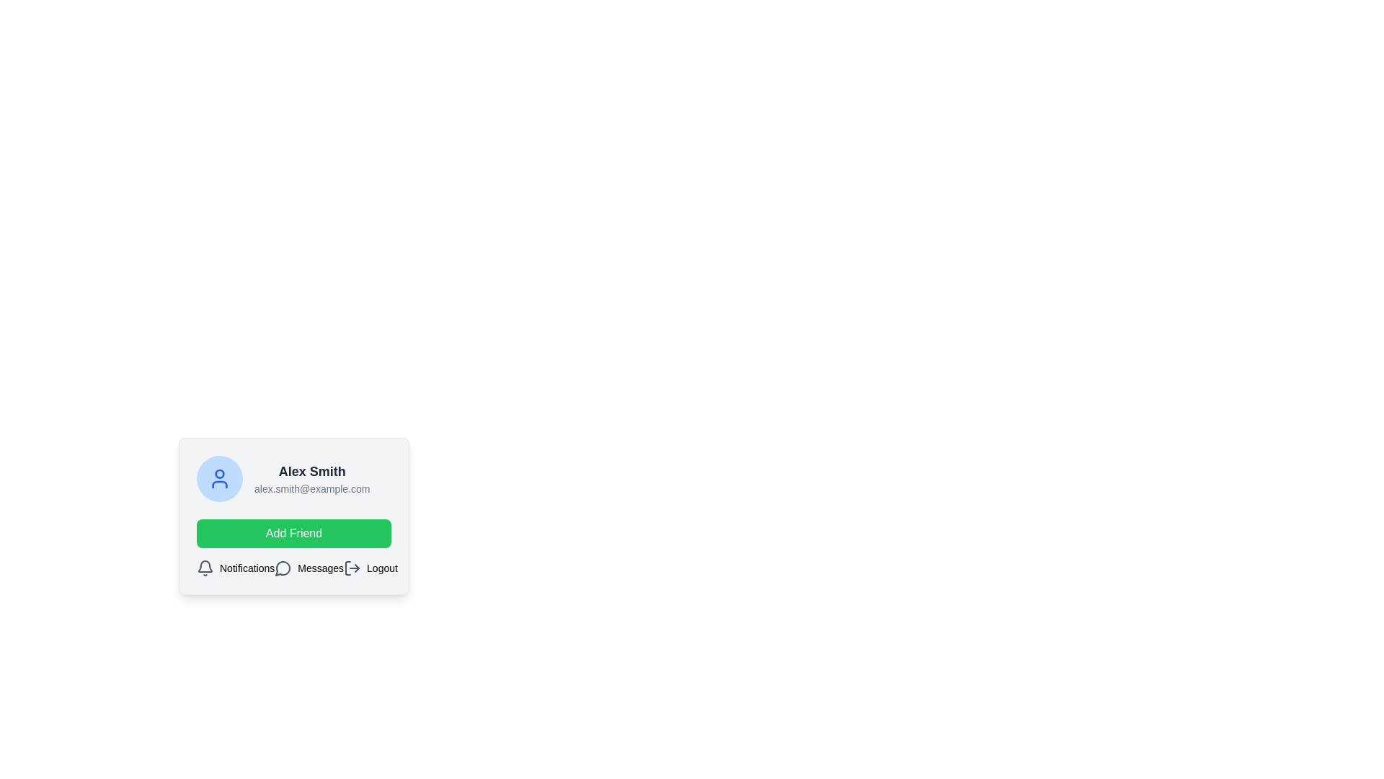 The height and width of the screenshot is (779, 1384). I want to click on the 'Notifications' text label, which is styled in a small black sans-serif font and positioned next to a bell icon, to interact with notification settings, so click(247, 567).